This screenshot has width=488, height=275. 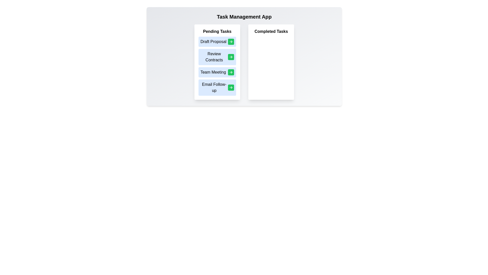 What do you see at coordinates (231, 57) in the screenshot?
I see `green button next to the task labeled Review Contracts to move it to the Completed Tasks list` at bounding box center [231, 57].